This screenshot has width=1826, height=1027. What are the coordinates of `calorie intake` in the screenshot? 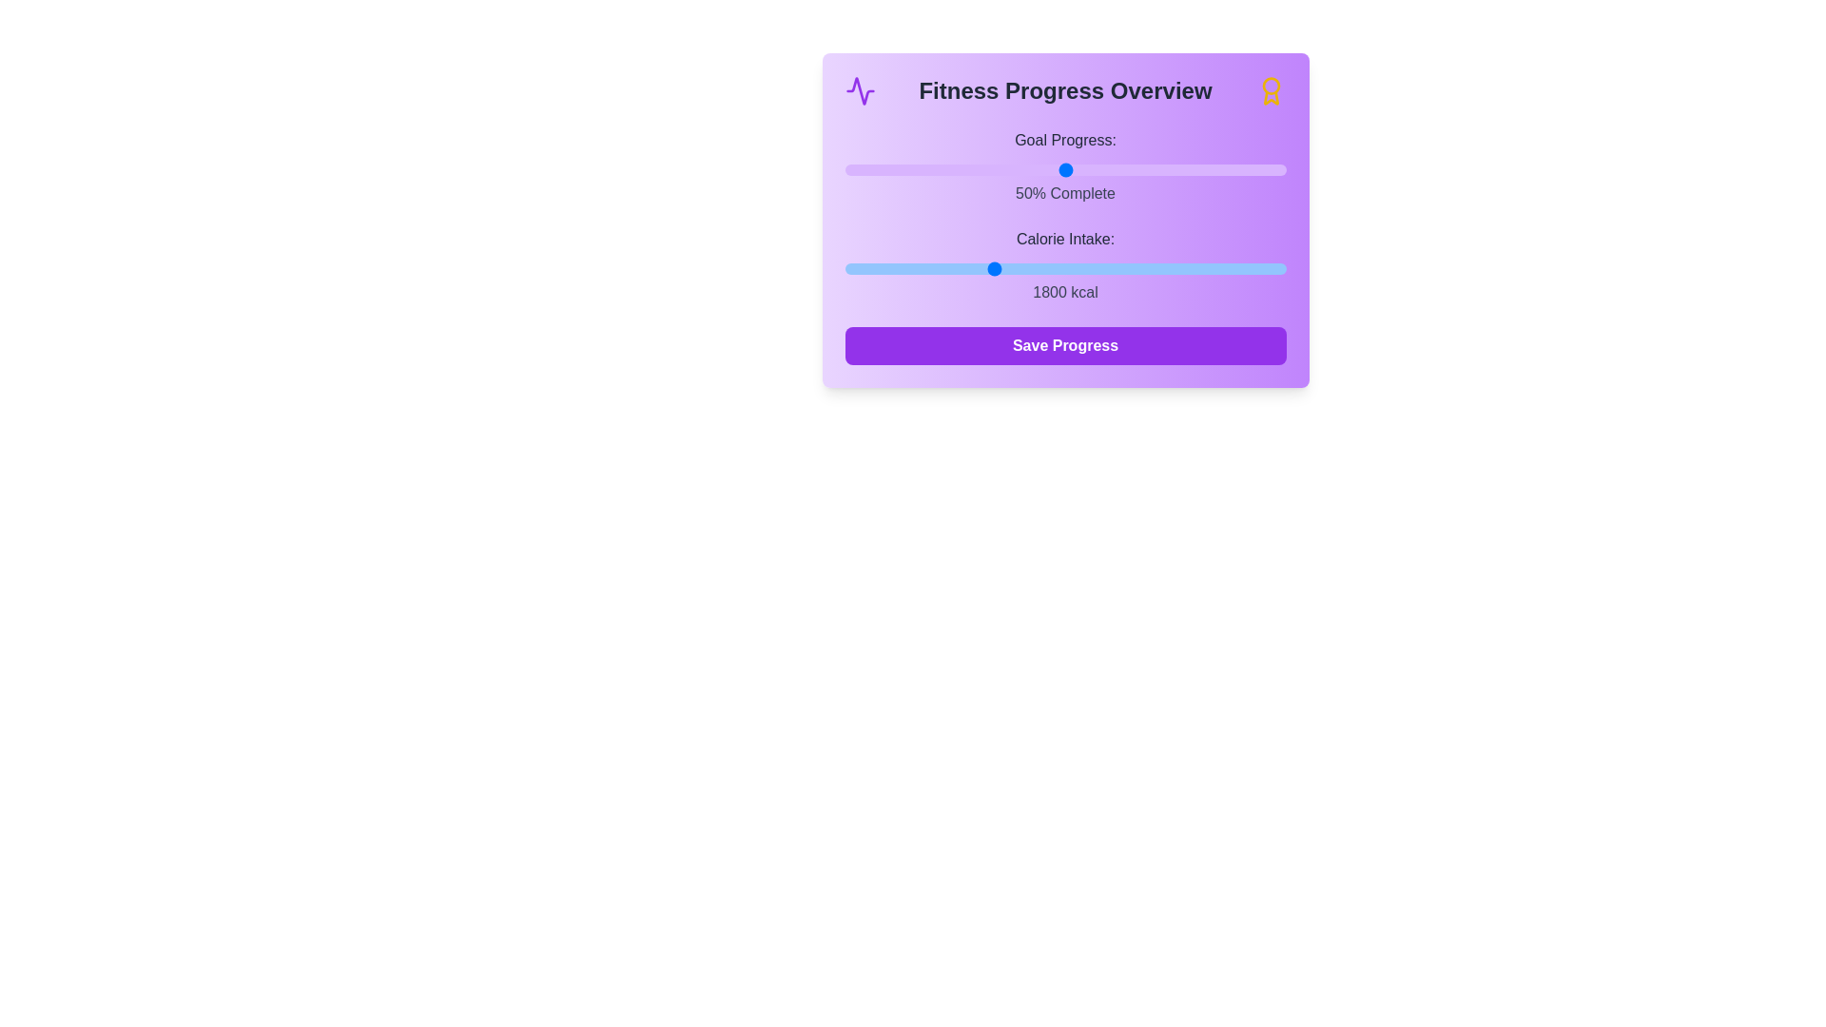 It's located at (913, 268).